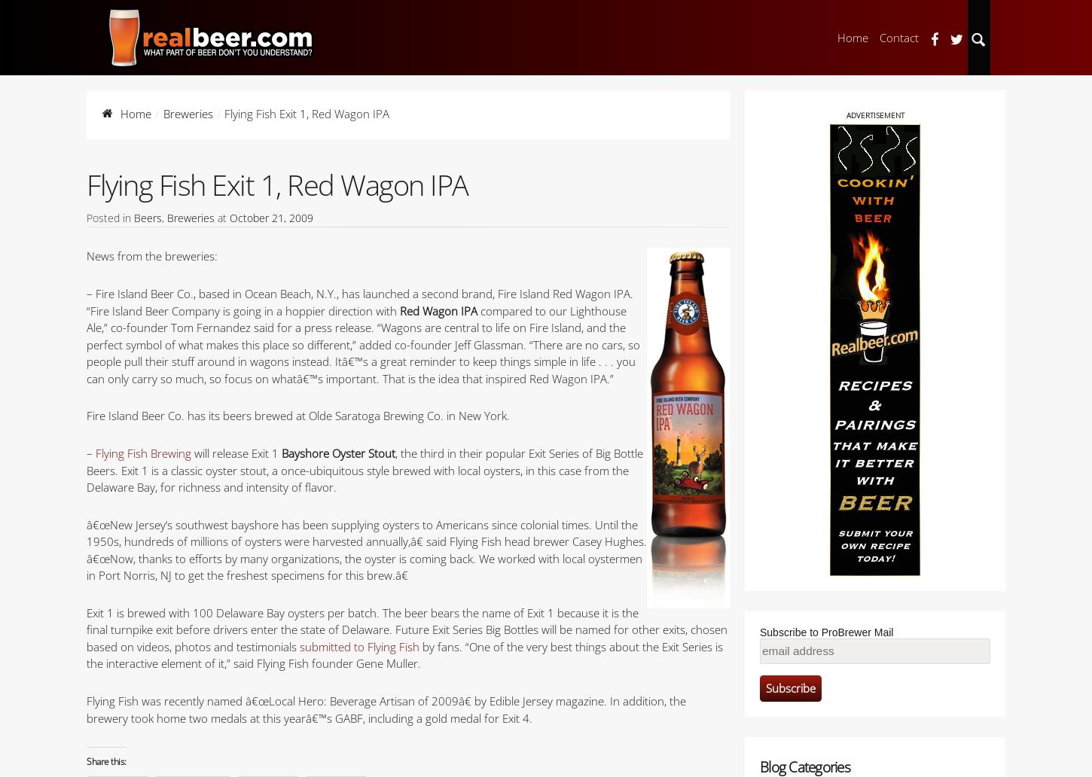  I want to click on 'Posted in', so click(86, 217).